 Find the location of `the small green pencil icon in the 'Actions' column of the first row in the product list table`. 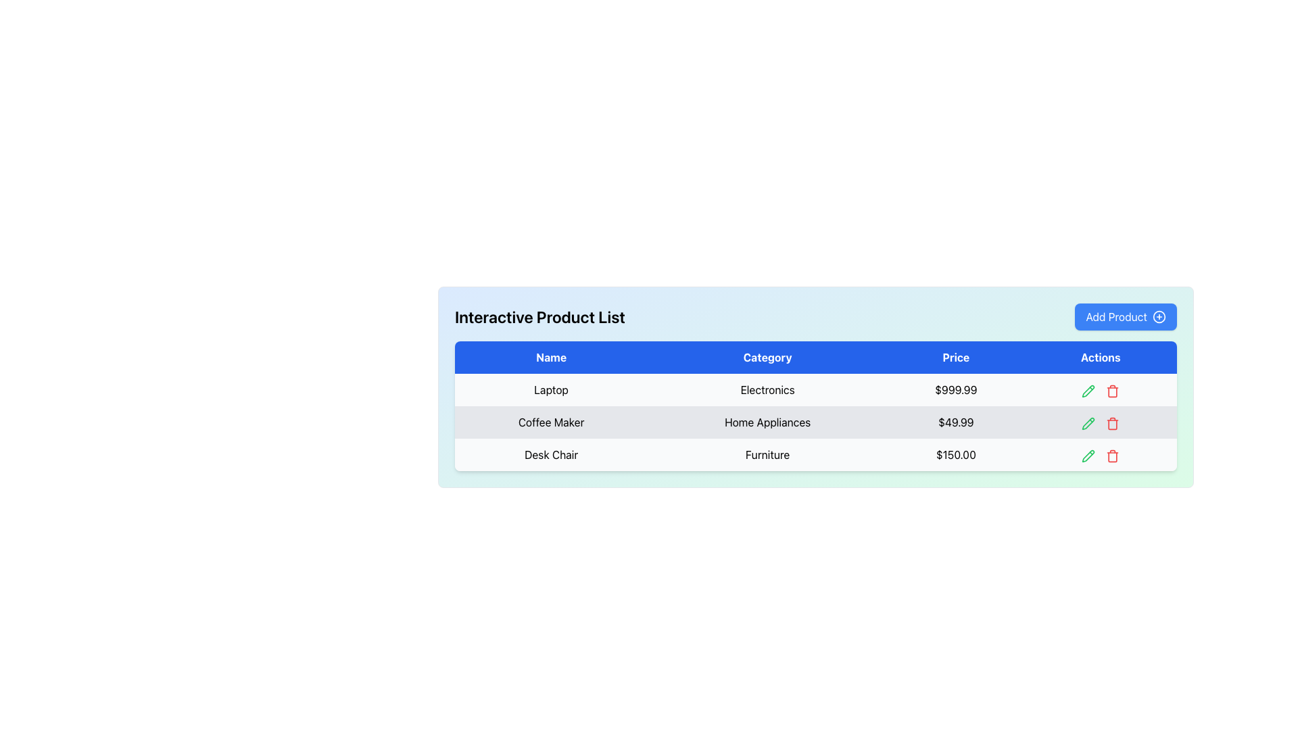

the small green pencil icon in the 'Actions' column of the first row in the product list table is located at coordinates (1088, 390).